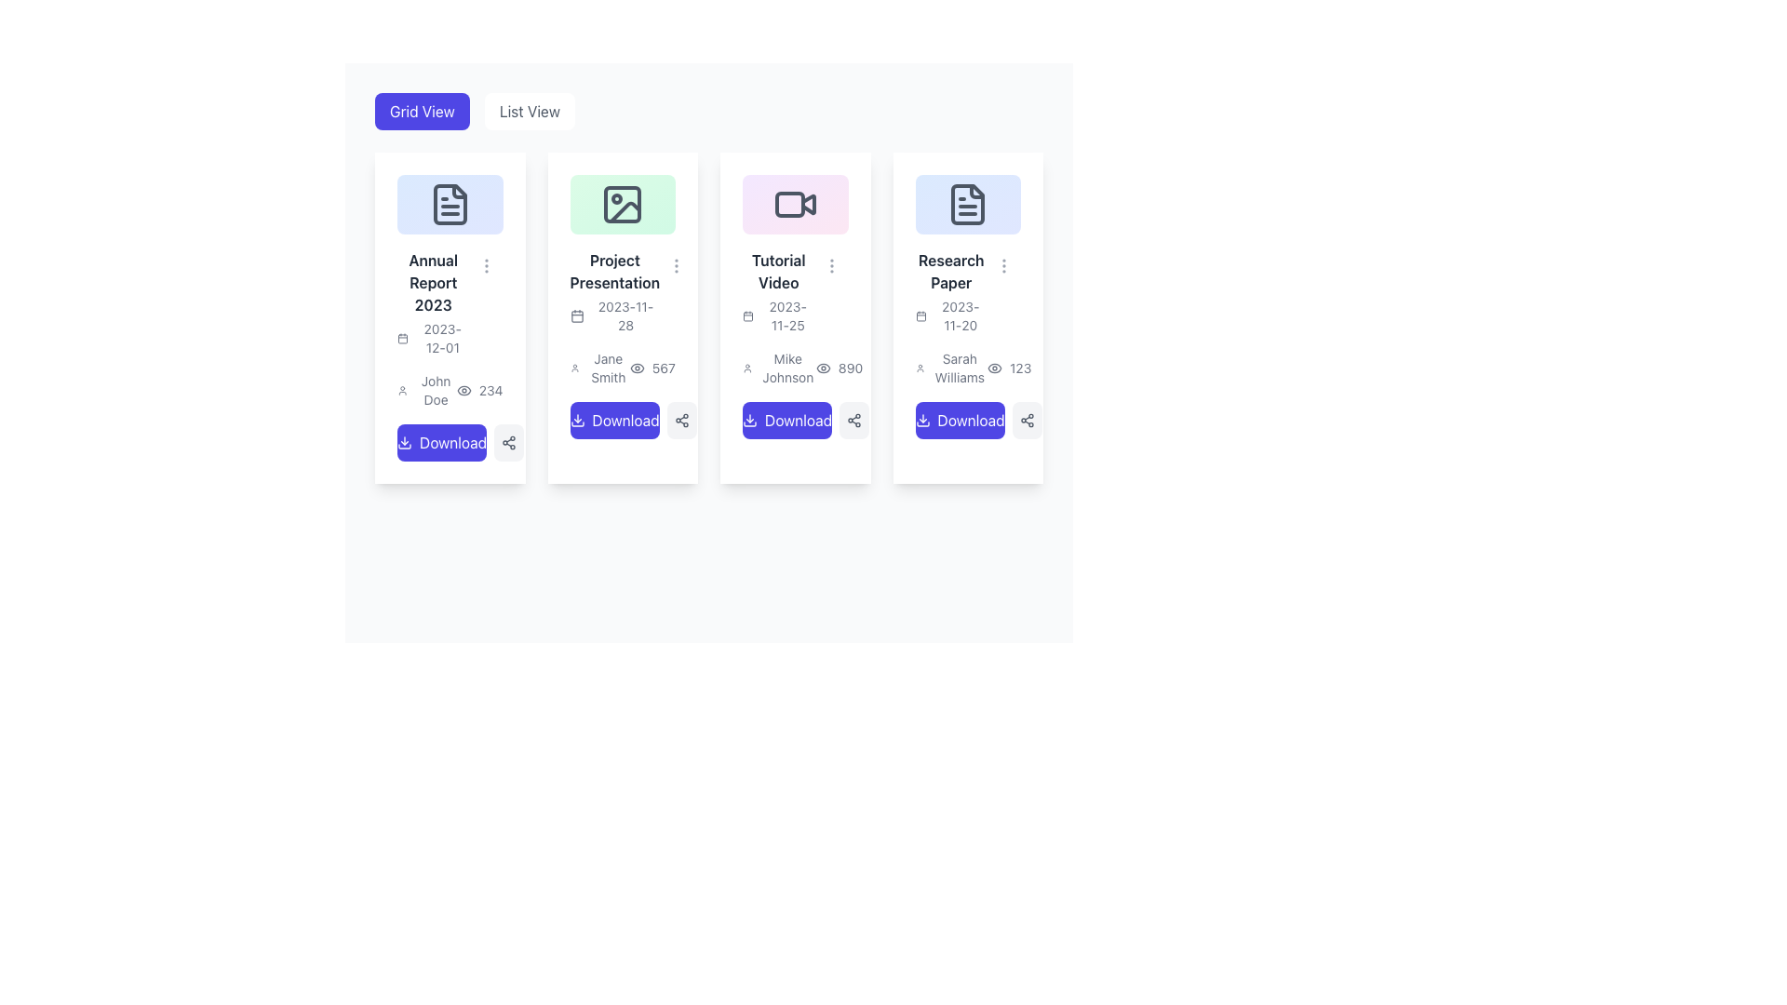 This screenshot has height=1005, width=1787. I want to click on the Text Label indicating 'Project Presentation' located in the topmost position of the second card from the left in a grid of four cards, so click(614, 271).